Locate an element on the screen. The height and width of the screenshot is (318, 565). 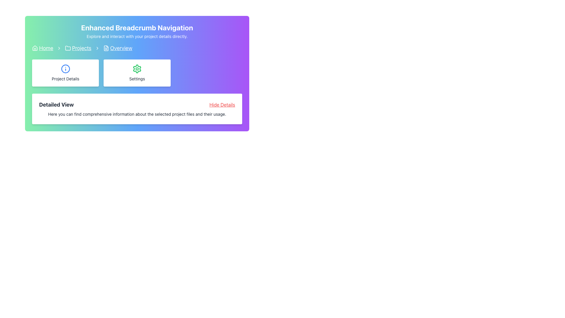
the interactive link located in the top-right corner of the 'Detailed View' box is located at coordinates (222, 104).